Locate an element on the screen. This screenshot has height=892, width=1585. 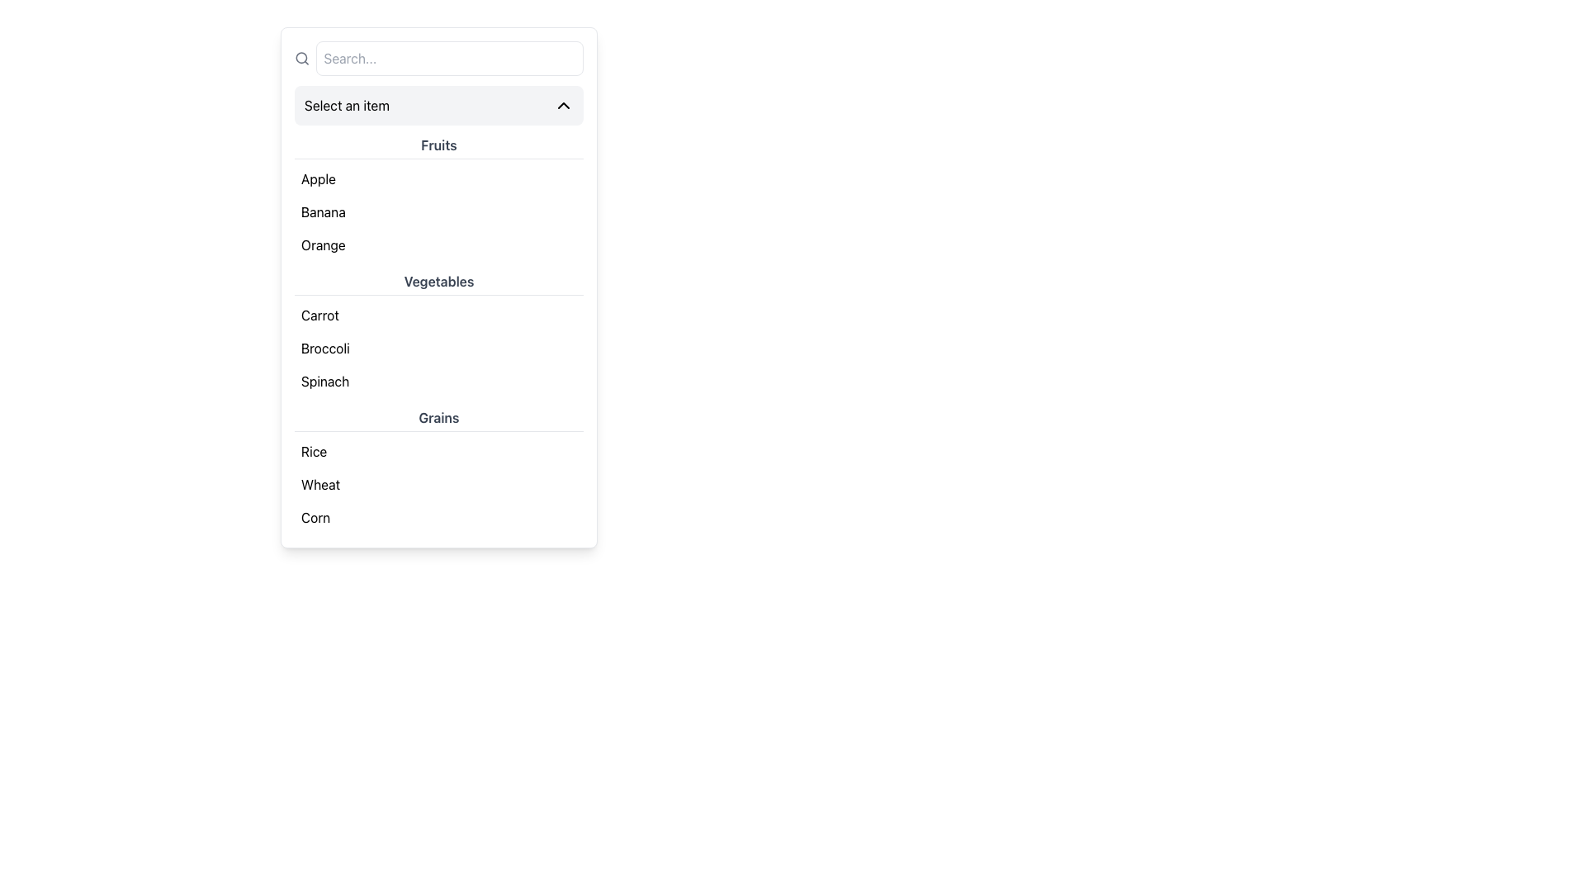
the 'Corn' text label in the 'Grains' dropdown list is located at coordinates (315, 517).